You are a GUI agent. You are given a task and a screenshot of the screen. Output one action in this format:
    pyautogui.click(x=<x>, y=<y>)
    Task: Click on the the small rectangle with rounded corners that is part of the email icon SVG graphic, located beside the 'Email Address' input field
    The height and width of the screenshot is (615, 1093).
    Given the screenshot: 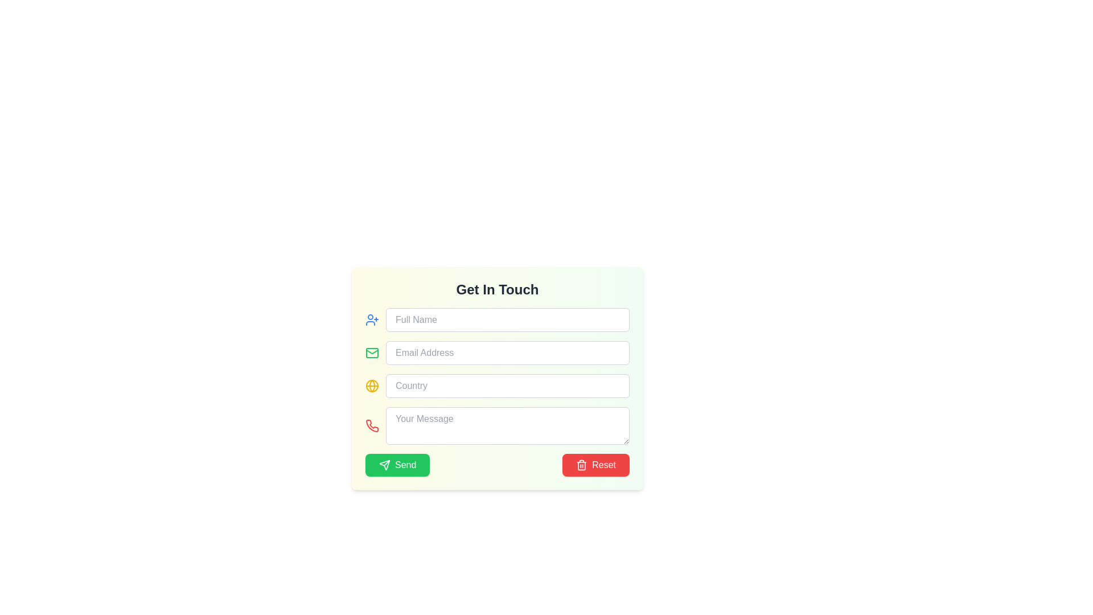 What is the action you would take?
    pyautogui.click(x=372, y=352)
    